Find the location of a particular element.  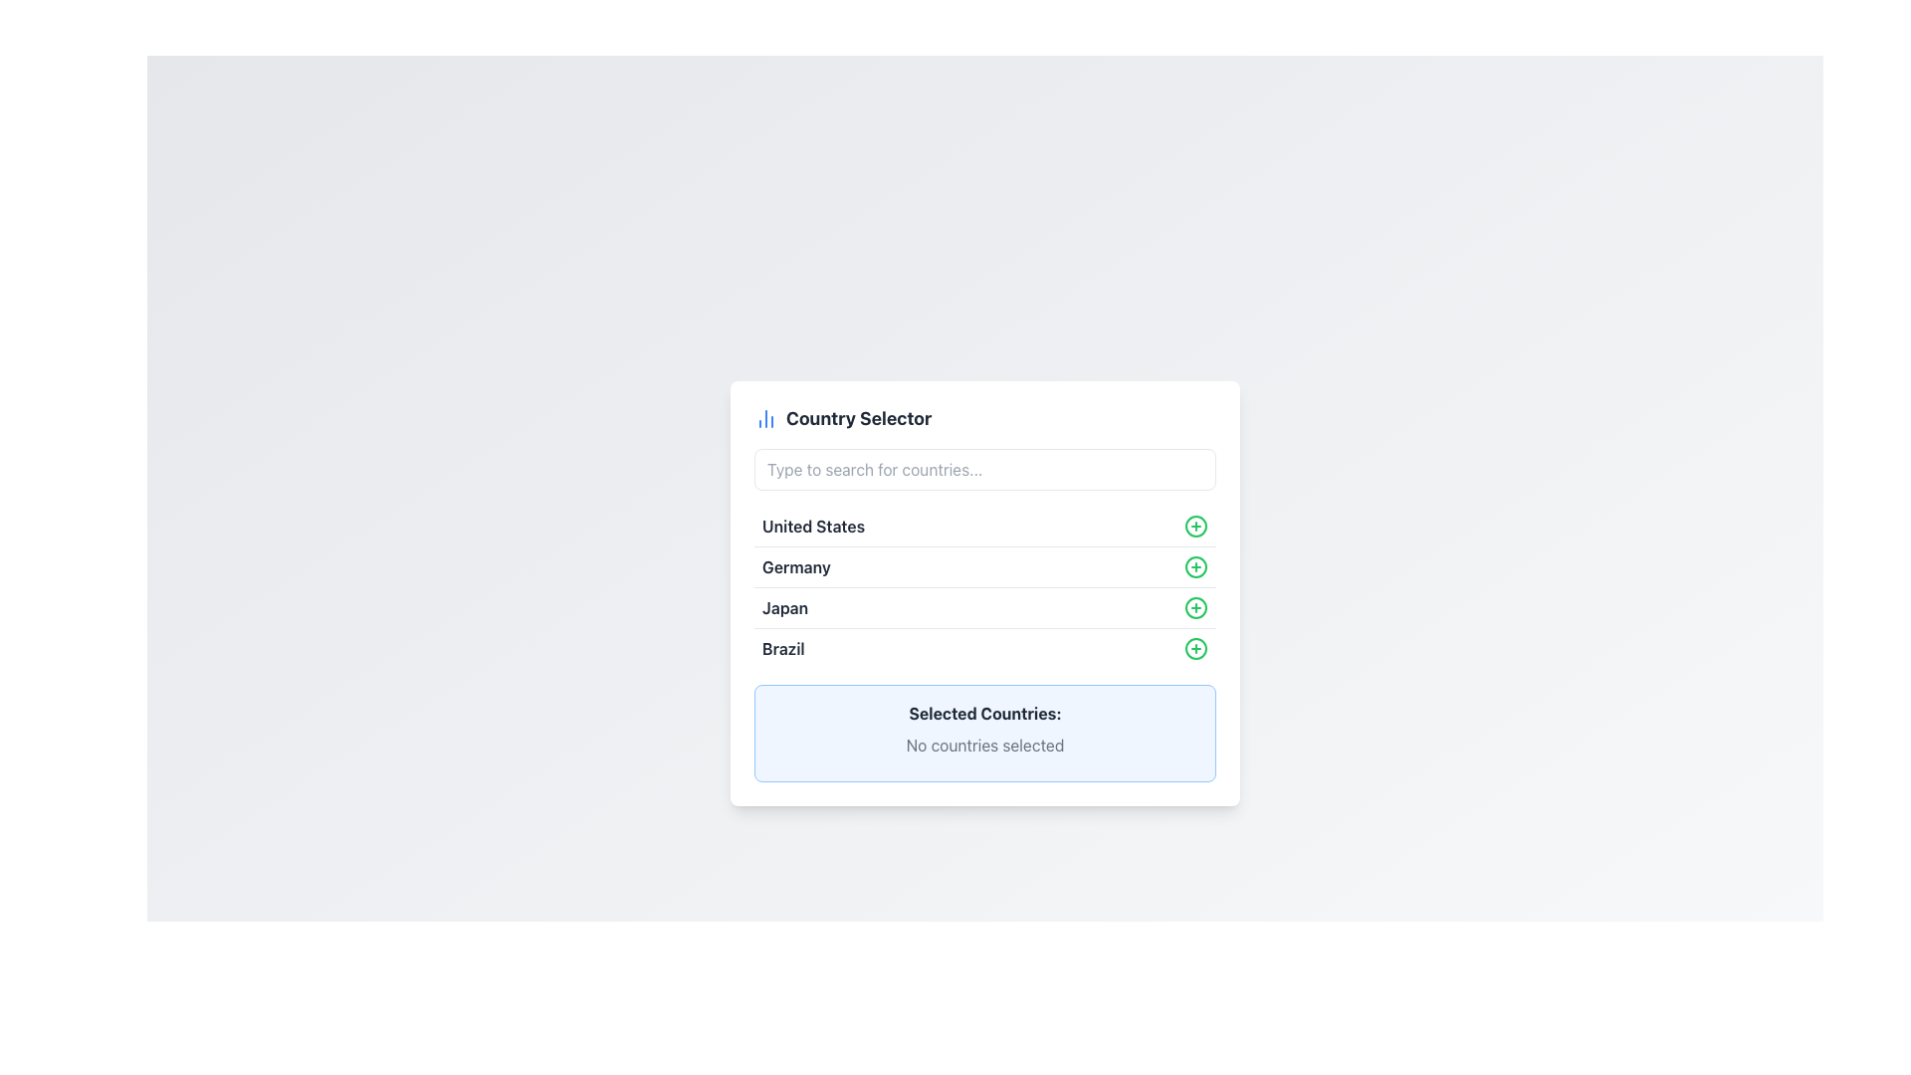

the 'United States' list item in the Country Selector is located at coordinates (984, 525).